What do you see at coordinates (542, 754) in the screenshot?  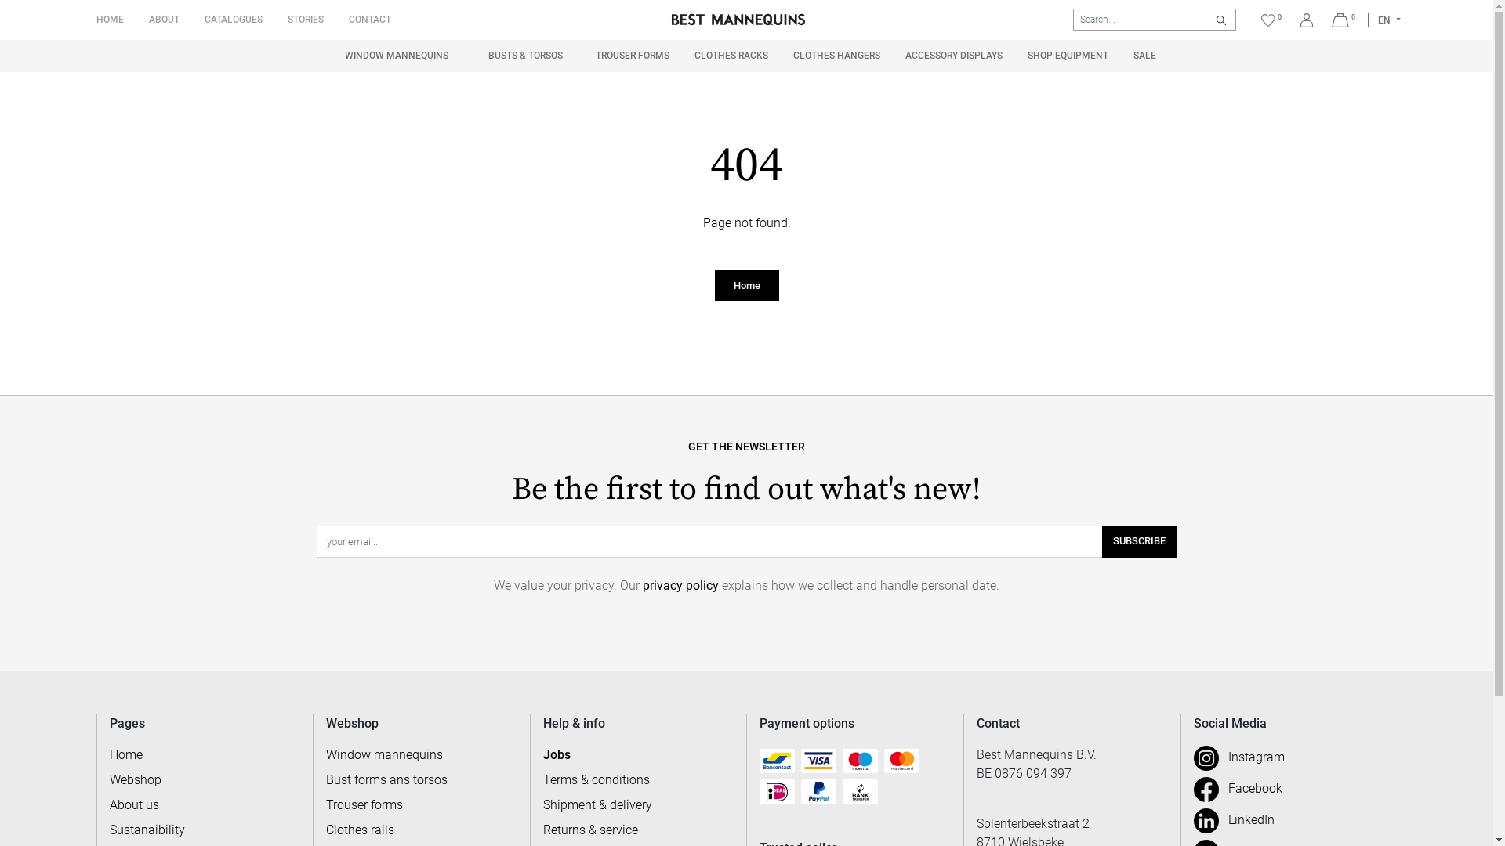 I see `'Jobs'` at bounding box center [542, 754].